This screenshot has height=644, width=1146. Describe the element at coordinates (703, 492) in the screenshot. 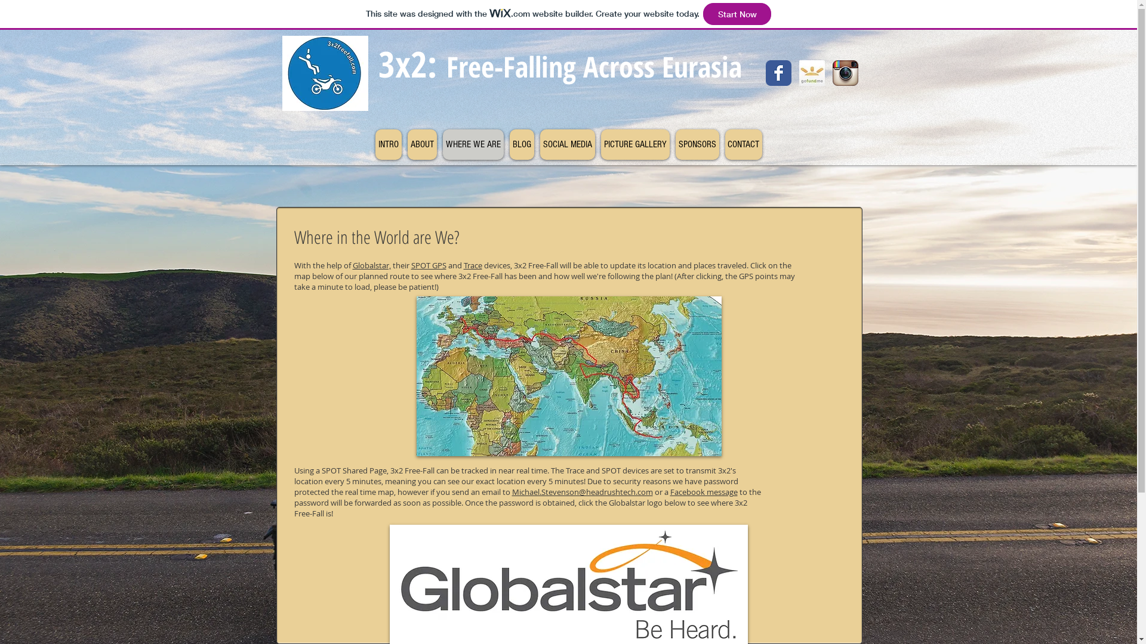

I see `'Facebook message'` at that location.